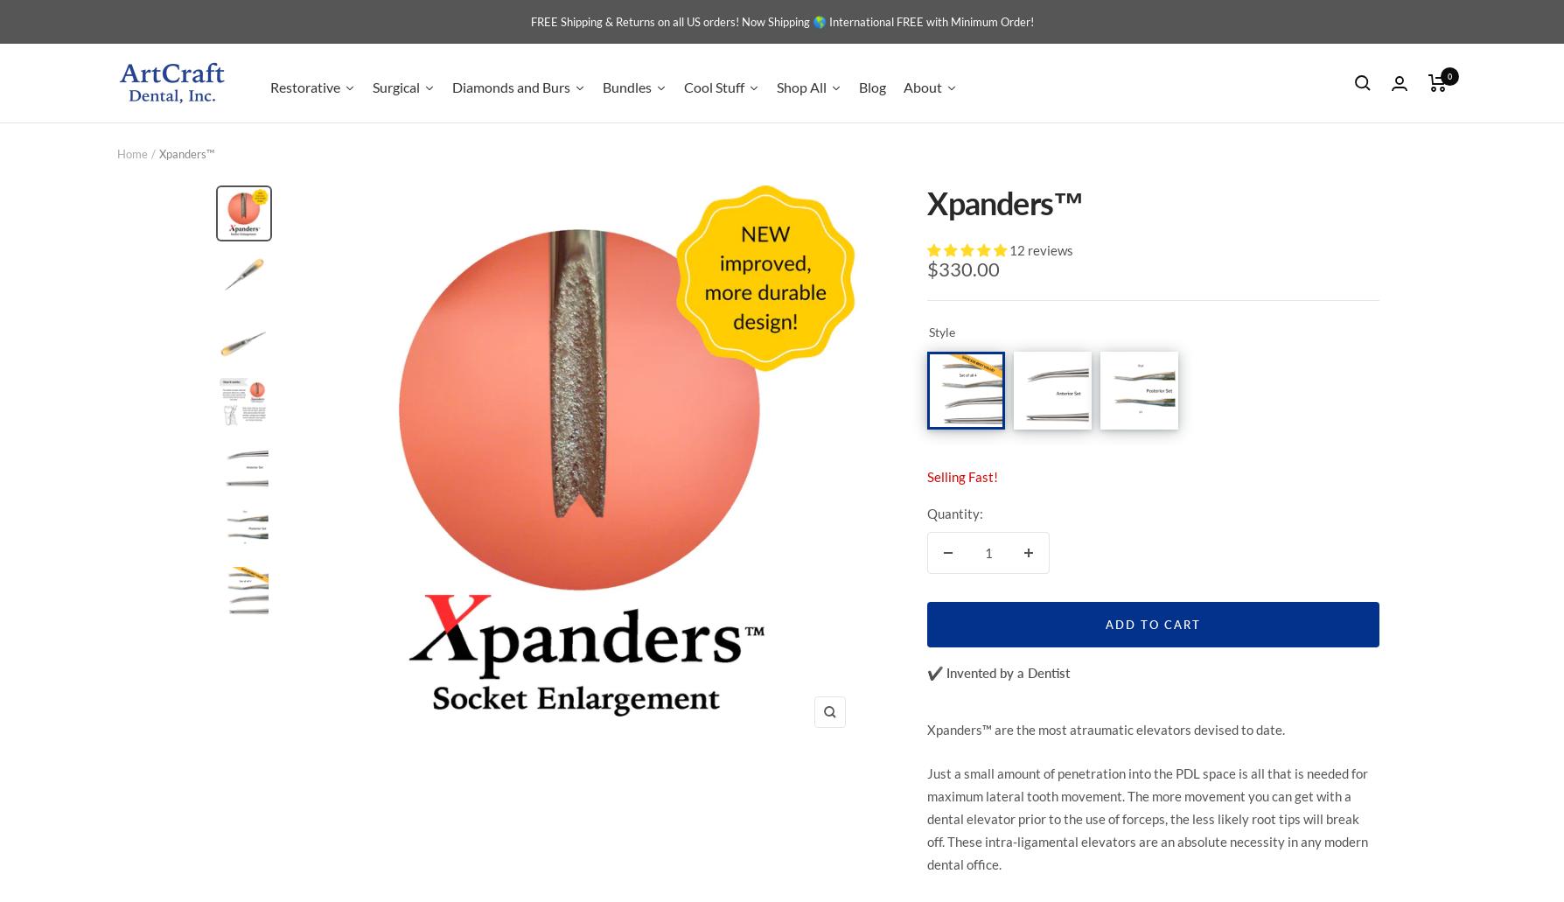  I want to click on 'Just a small amount of penetration into the PDL space is all that is needed for maximum lateral tooth movement. The more movement you can get with a dental elevator prior to the use of forceps, the less likely root tips will break off.', so click(1147, 807).